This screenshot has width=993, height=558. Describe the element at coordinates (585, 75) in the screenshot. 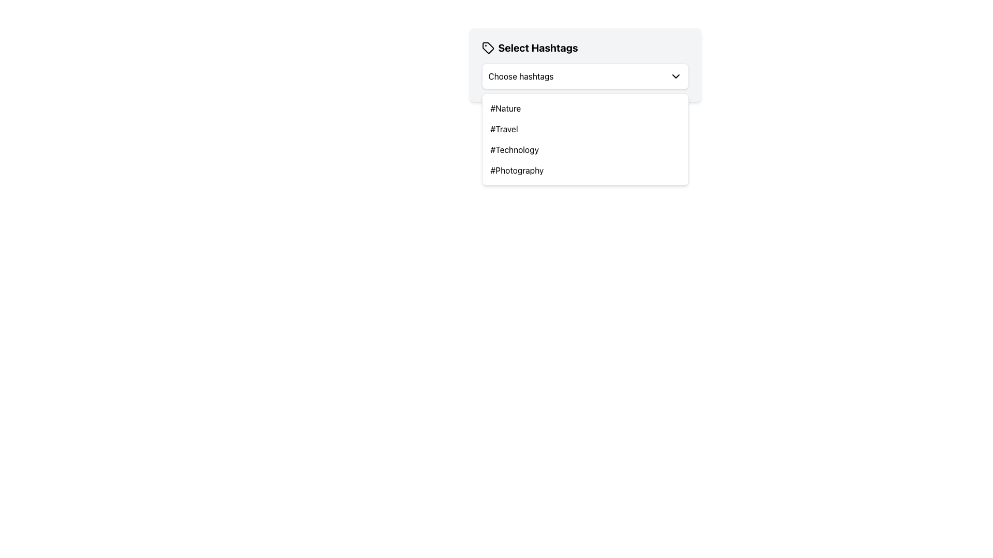

I see `the dropdown menu labeled 'Choose hashtags' within the 'Select Hashtags' section` at that location.